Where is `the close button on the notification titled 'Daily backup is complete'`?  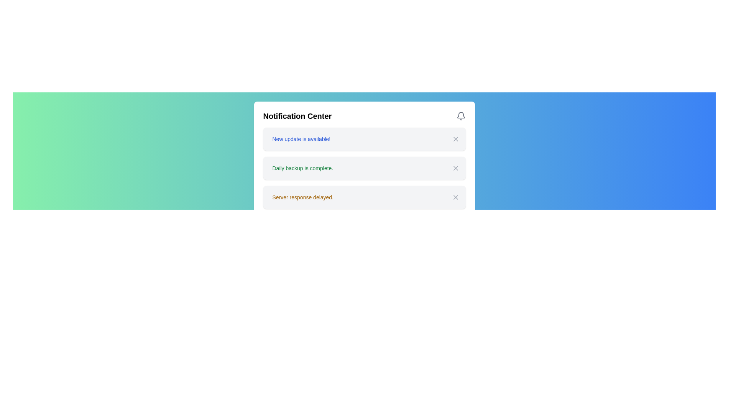
the close button on the notification titled 'Daily backup is complete' is located at coordinates (455, 168).